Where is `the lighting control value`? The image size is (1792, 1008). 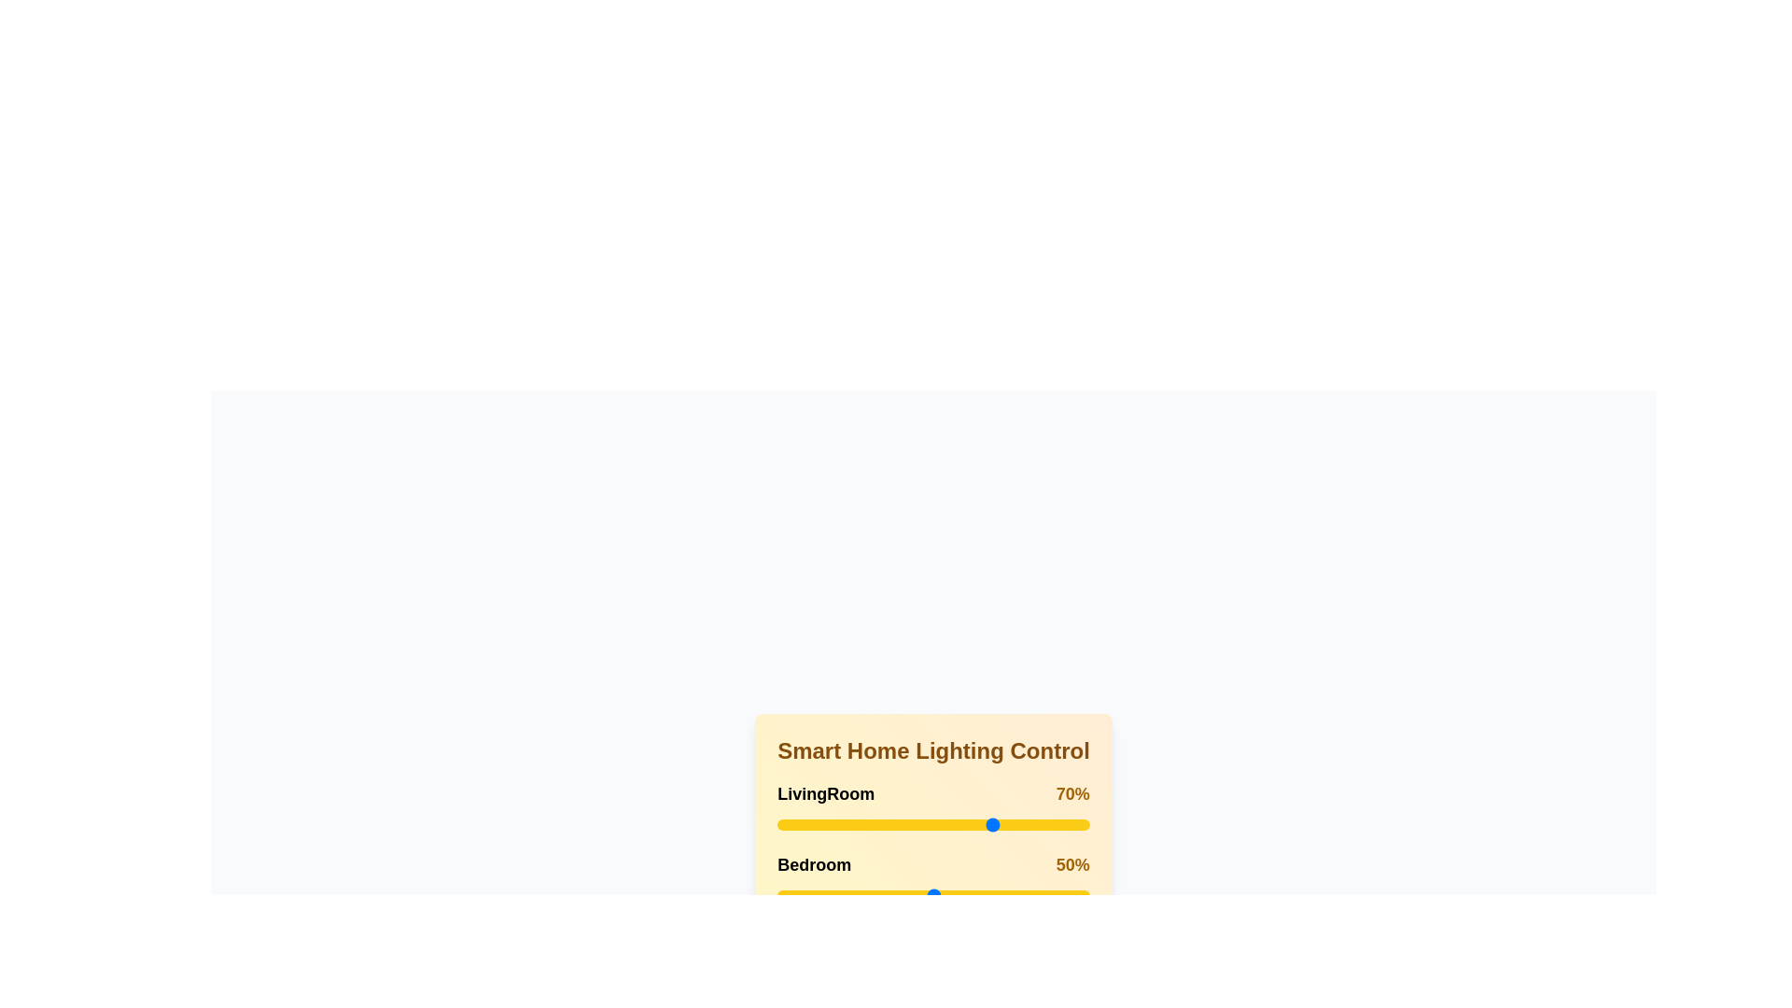
the lighting control value is located at coordinates (815, 823).